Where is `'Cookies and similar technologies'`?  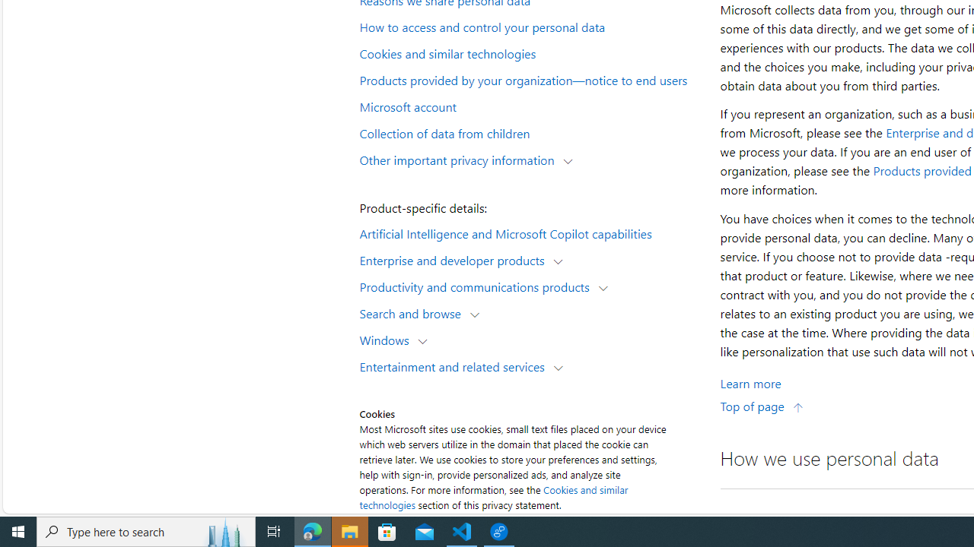 'Cookies and similar technologies' is located at coordinates (530, 52).